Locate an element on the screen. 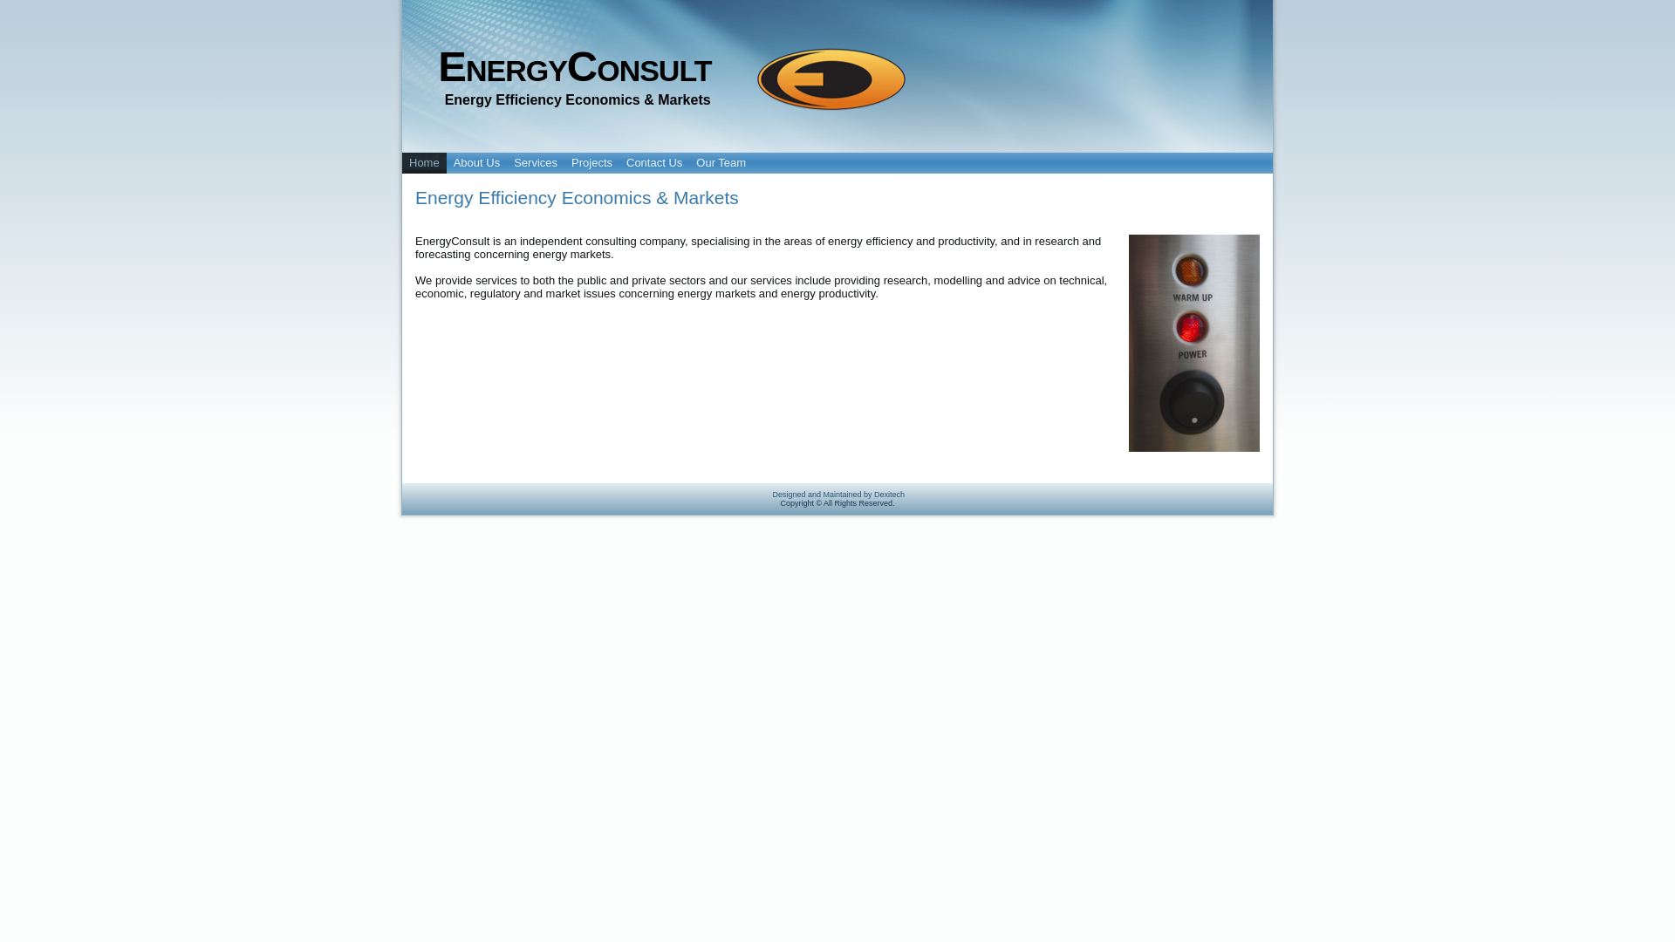 The height and width of the screenshot is (942, 1675). 'About Us' is located at coordinates (476, 162).